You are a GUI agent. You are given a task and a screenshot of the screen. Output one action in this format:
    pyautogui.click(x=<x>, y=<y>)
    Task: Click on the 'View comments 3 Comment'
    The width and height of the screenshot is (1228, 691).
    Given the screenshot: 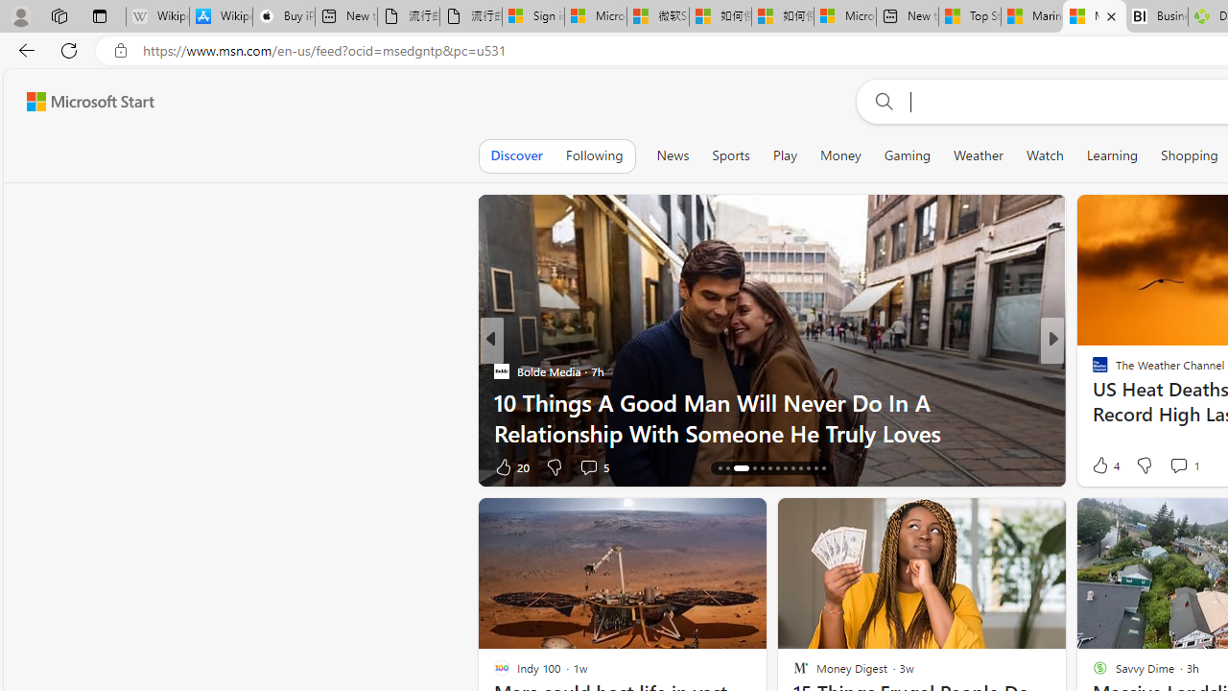 What is the action you would take?
    pyautogui.click(x=1190, y=466)
    